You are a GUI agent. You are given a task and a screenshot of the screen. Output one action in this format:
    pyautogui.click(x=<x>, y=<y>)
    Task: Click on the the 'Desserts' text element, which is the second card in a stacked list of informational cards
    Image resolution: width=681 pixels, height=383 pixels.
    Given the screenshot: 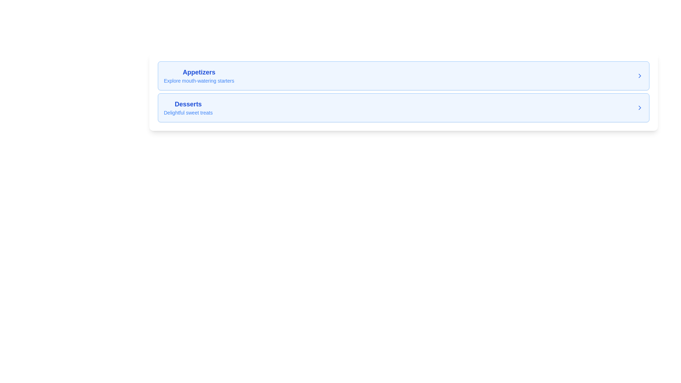 What is the action you would take?
    pyautogui.click(x=188, y=108)
    